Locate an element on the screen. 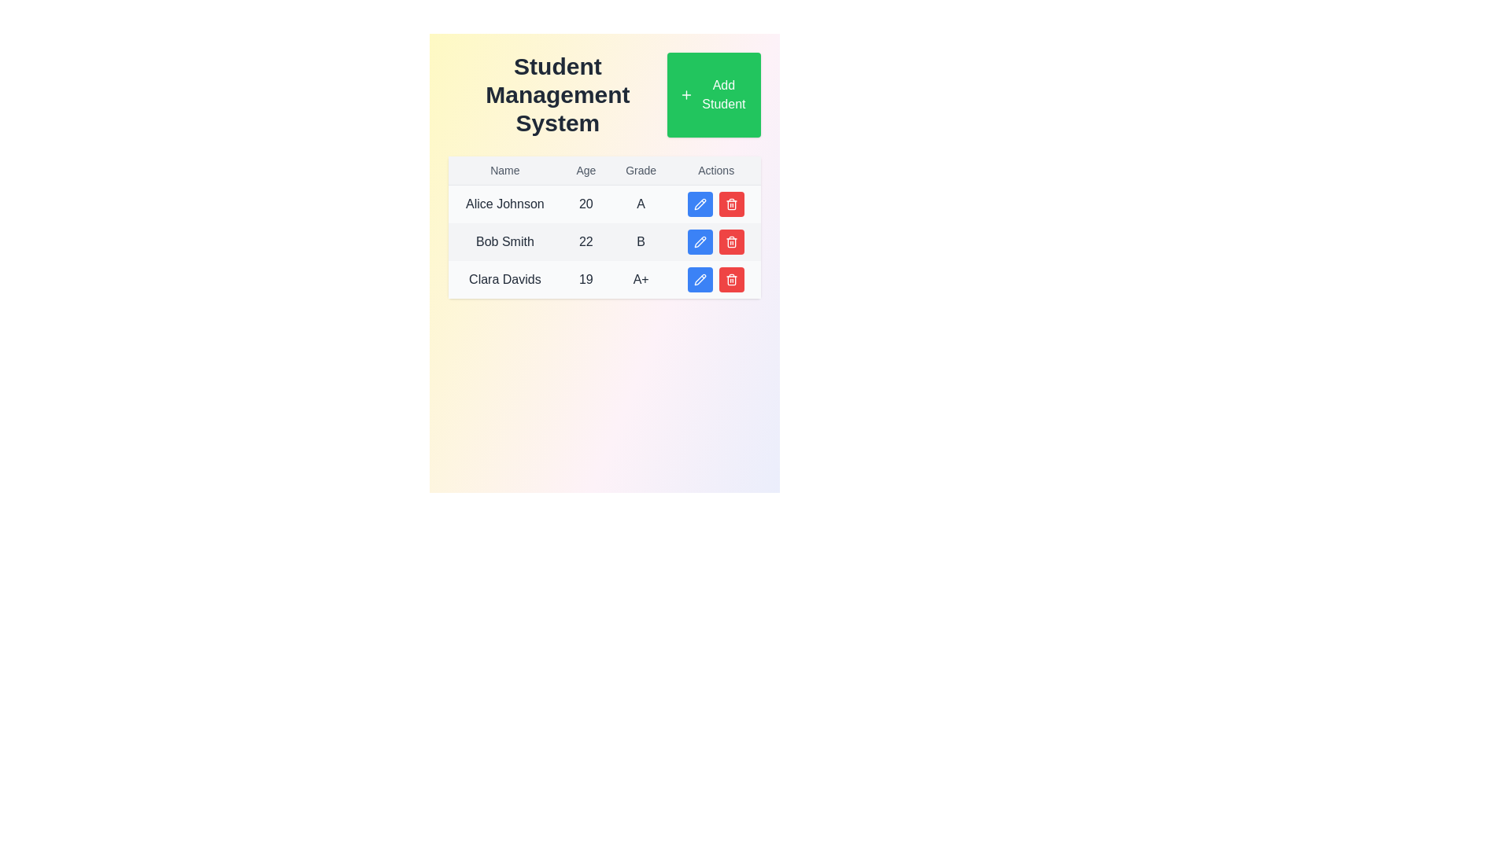 This screenshot has width=1511, height=849. the pencil-shaped icon within the rounded blue button located in the 'Actions' column of the second row in the table next to 'Bob Smith' is located at coordinates (700, 242).